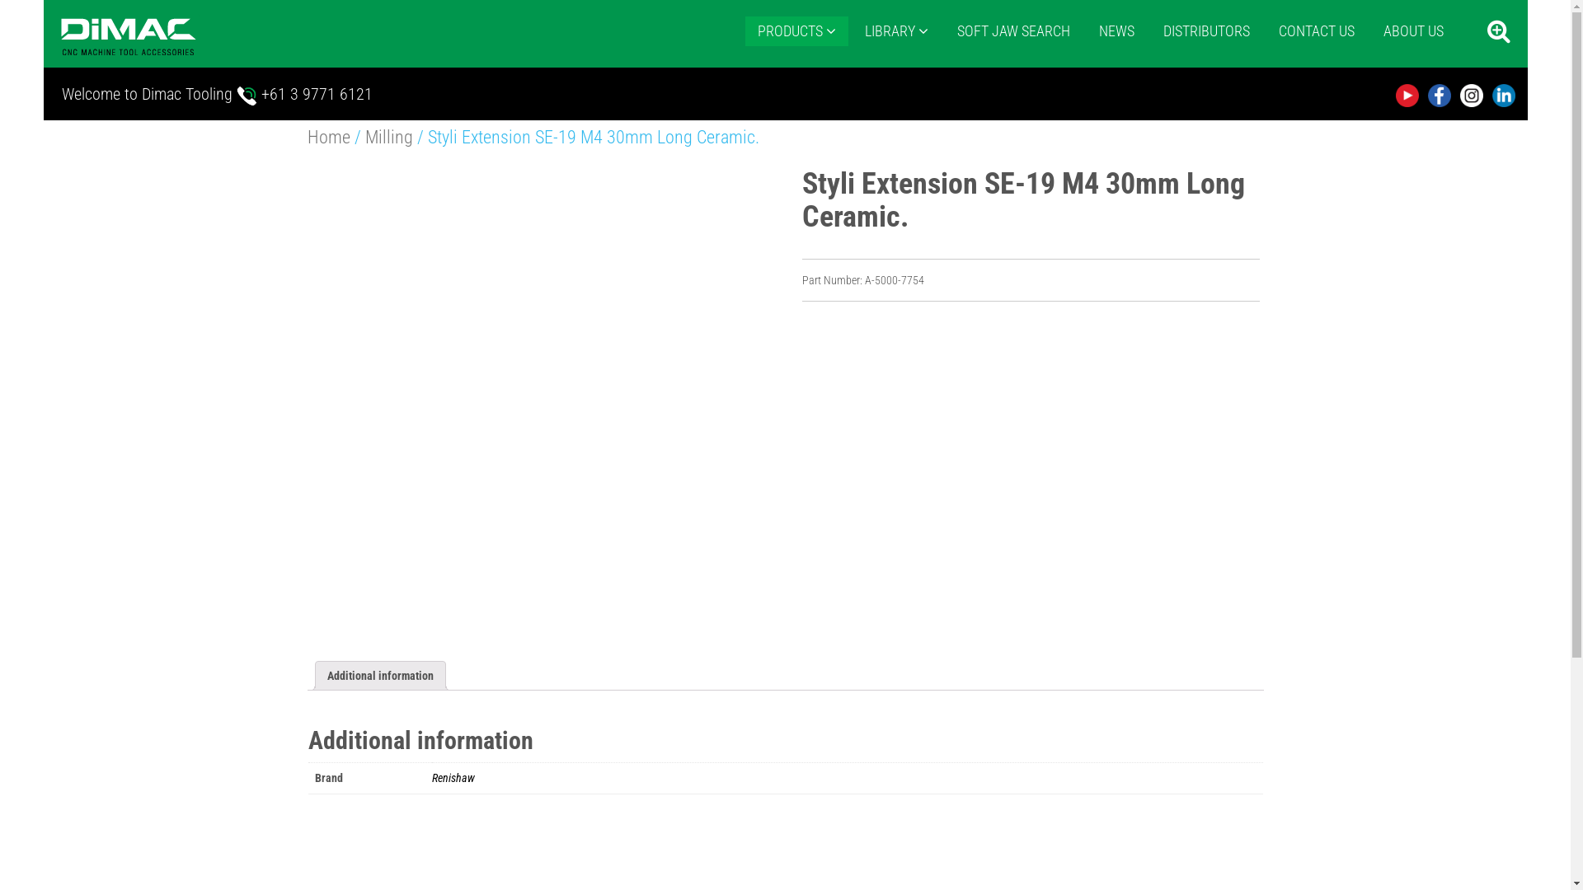  Describe the element at coordinates (378, 676) in the screenshot. I see `'Additional information'` at that location.